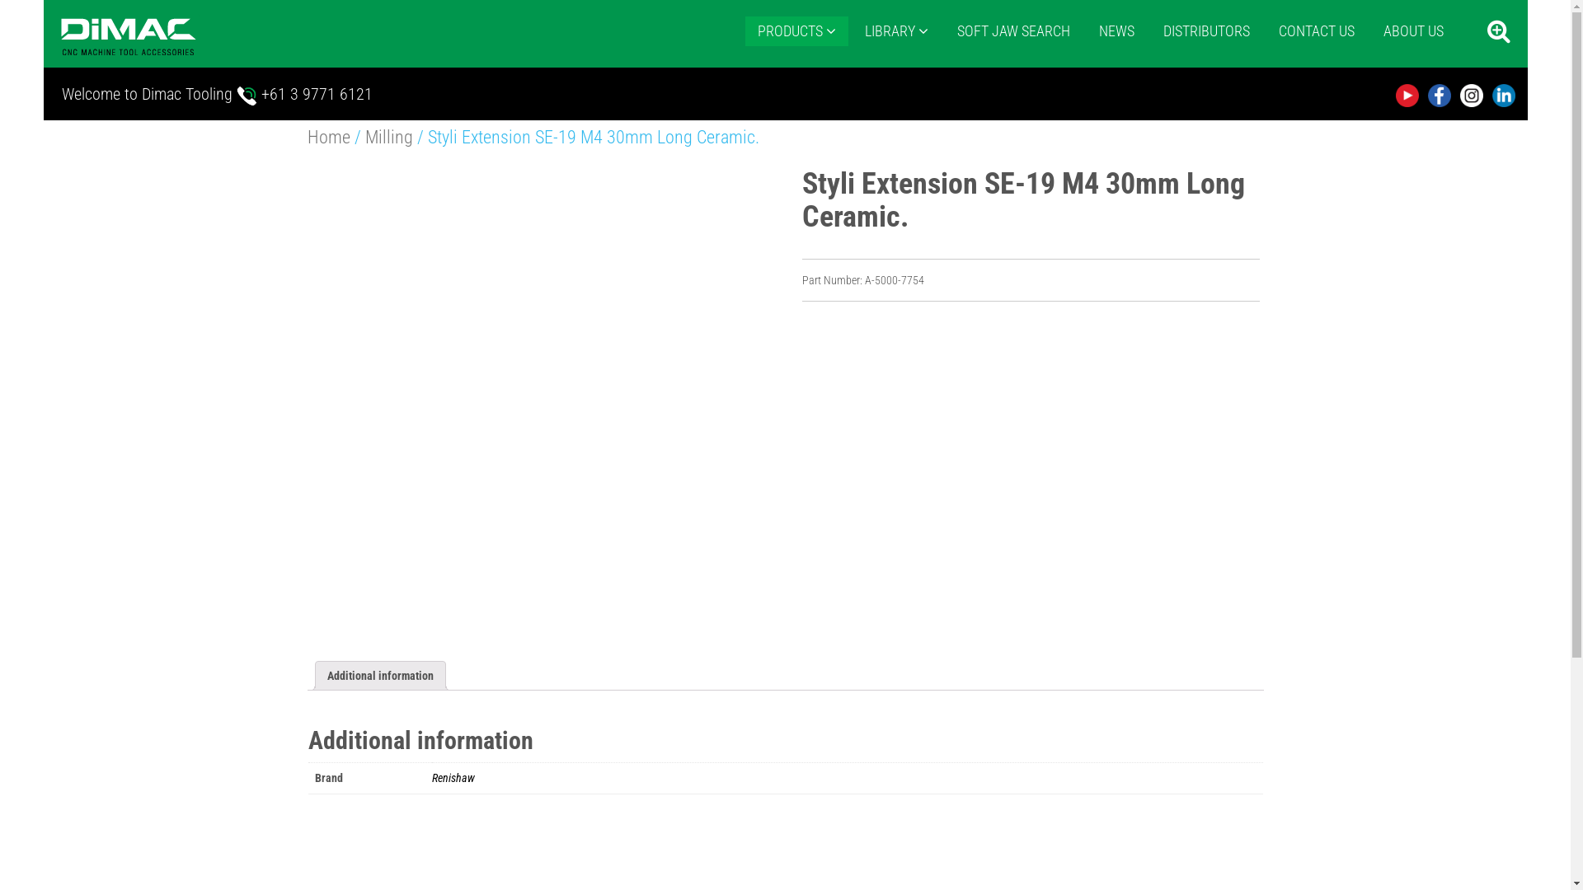  Describe the element at coordinates (378, 676) in the screenshot. I see `'Additional information'` at that location.